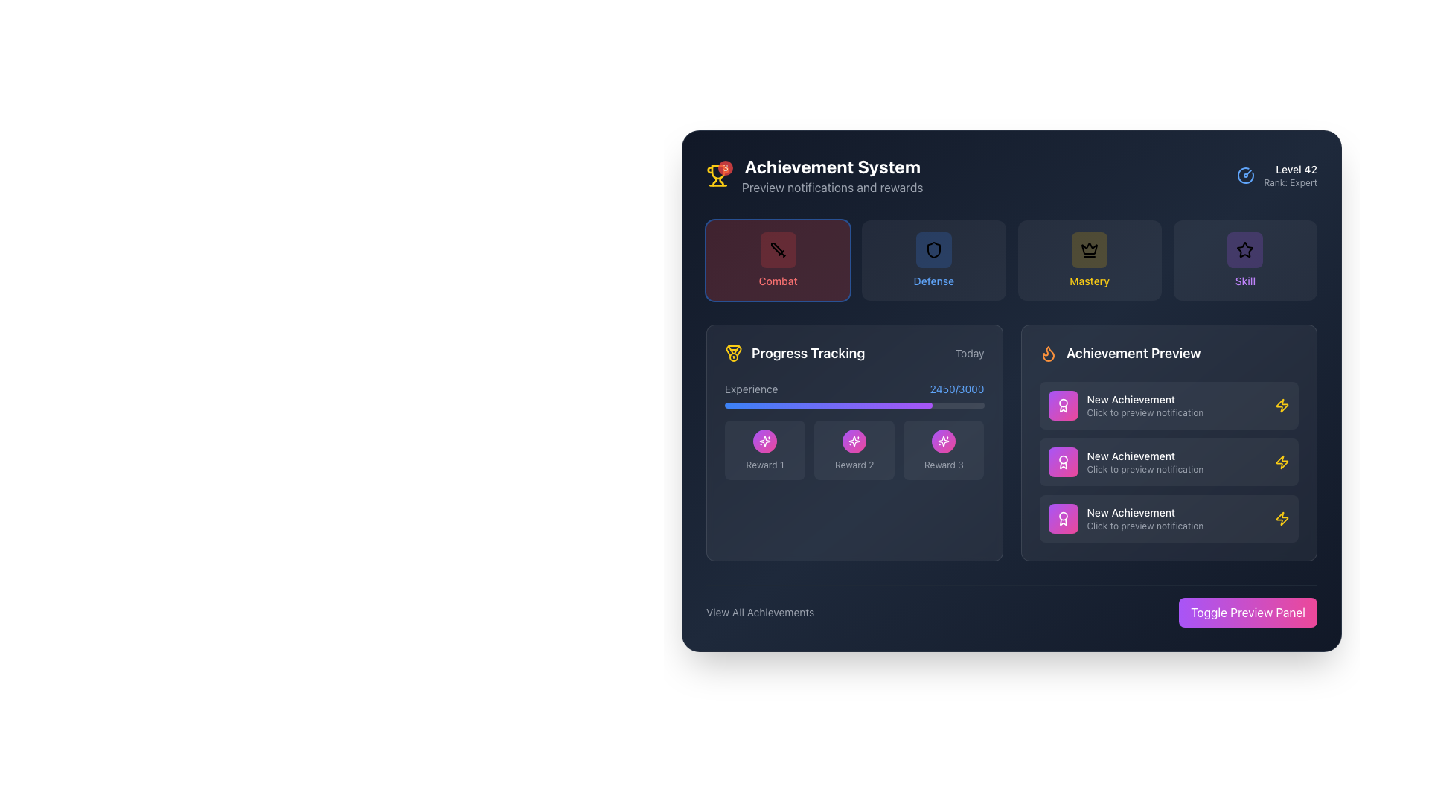  I want to click on the Circular Button with Icon that is centrally located within the 'Reward 3' card in the 'Progress Tracking' panel, so click(943, 441).